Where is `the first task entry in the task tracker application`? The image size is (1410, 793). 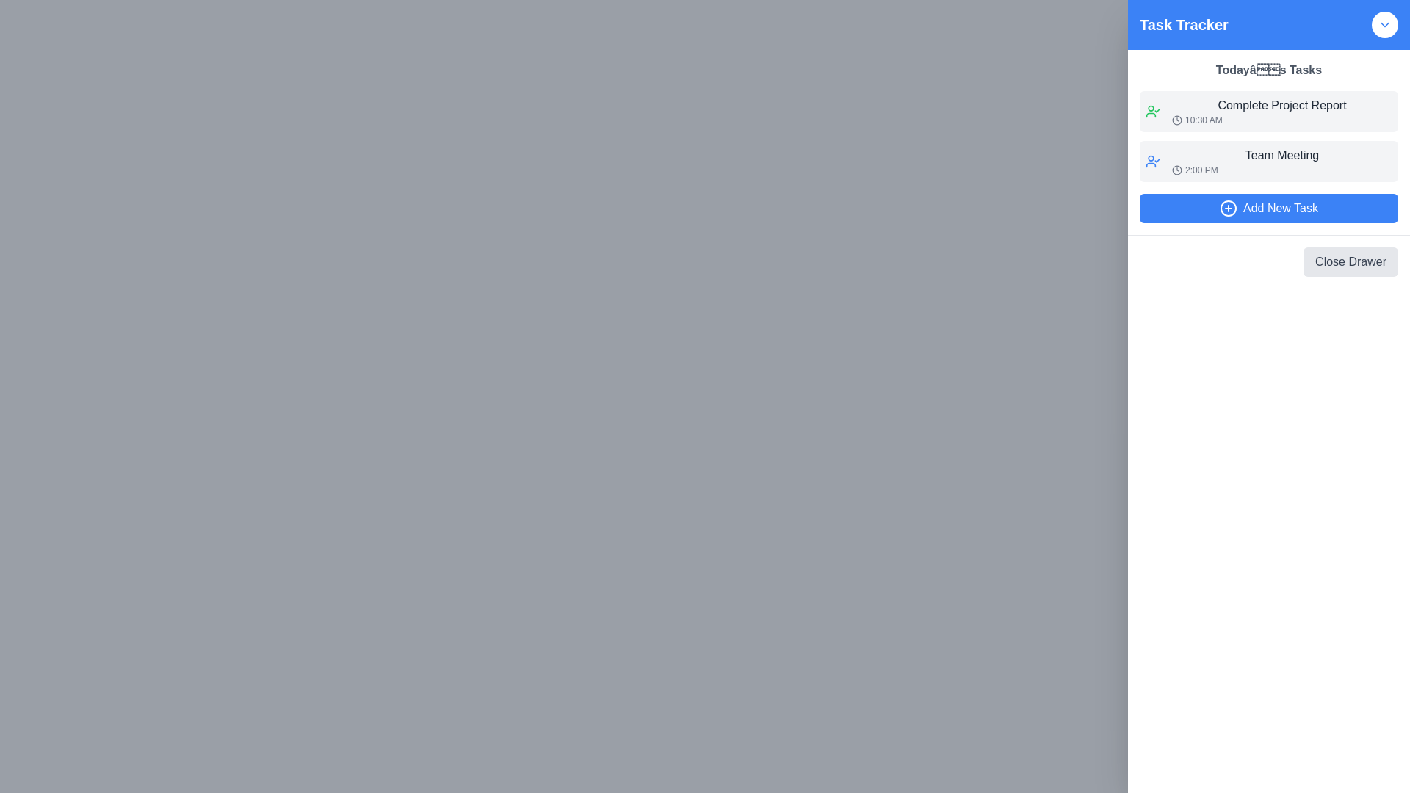 the first task entry in the task tracker application is located at coordinates (1268, 110).